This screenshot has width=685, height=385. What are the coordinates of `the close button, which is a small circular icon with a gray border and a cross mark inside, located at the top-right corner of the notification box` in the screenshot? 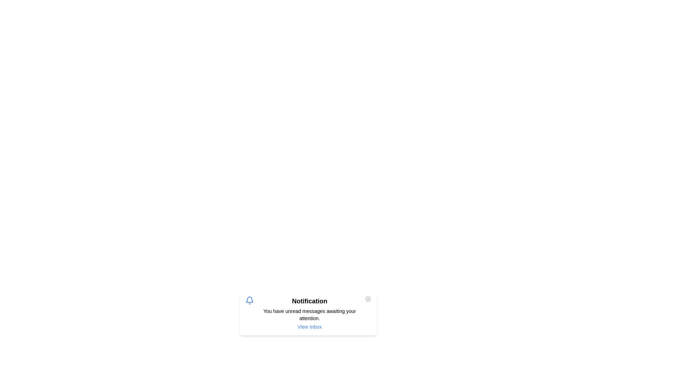 It's located at (368, 299).